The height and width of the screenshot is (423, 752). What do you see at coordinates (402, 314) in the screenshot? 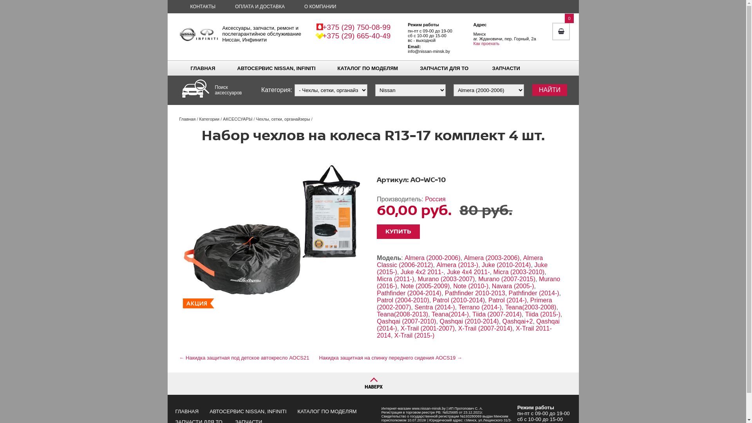
I see `'Teana(2008-2013)'` at bounding box center [402, 314].